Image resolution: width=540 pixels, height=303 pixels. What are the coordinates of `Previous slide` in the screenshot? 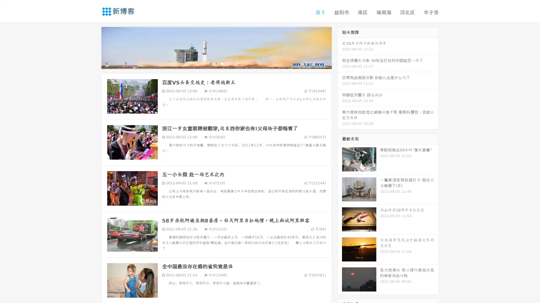 It's located at (93, 47).